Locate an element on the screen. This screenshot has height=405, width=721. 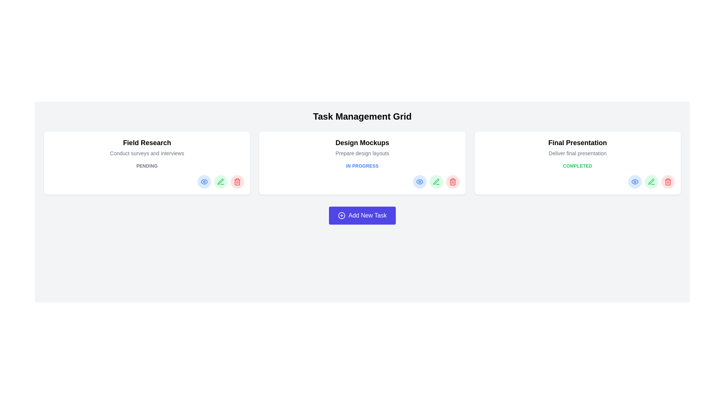
text label that says 'Deliver final presentation', which is styled in small gray font and located below the heading 'Final Presentation' on the rightmost task card is located at coordinates (577, 153).